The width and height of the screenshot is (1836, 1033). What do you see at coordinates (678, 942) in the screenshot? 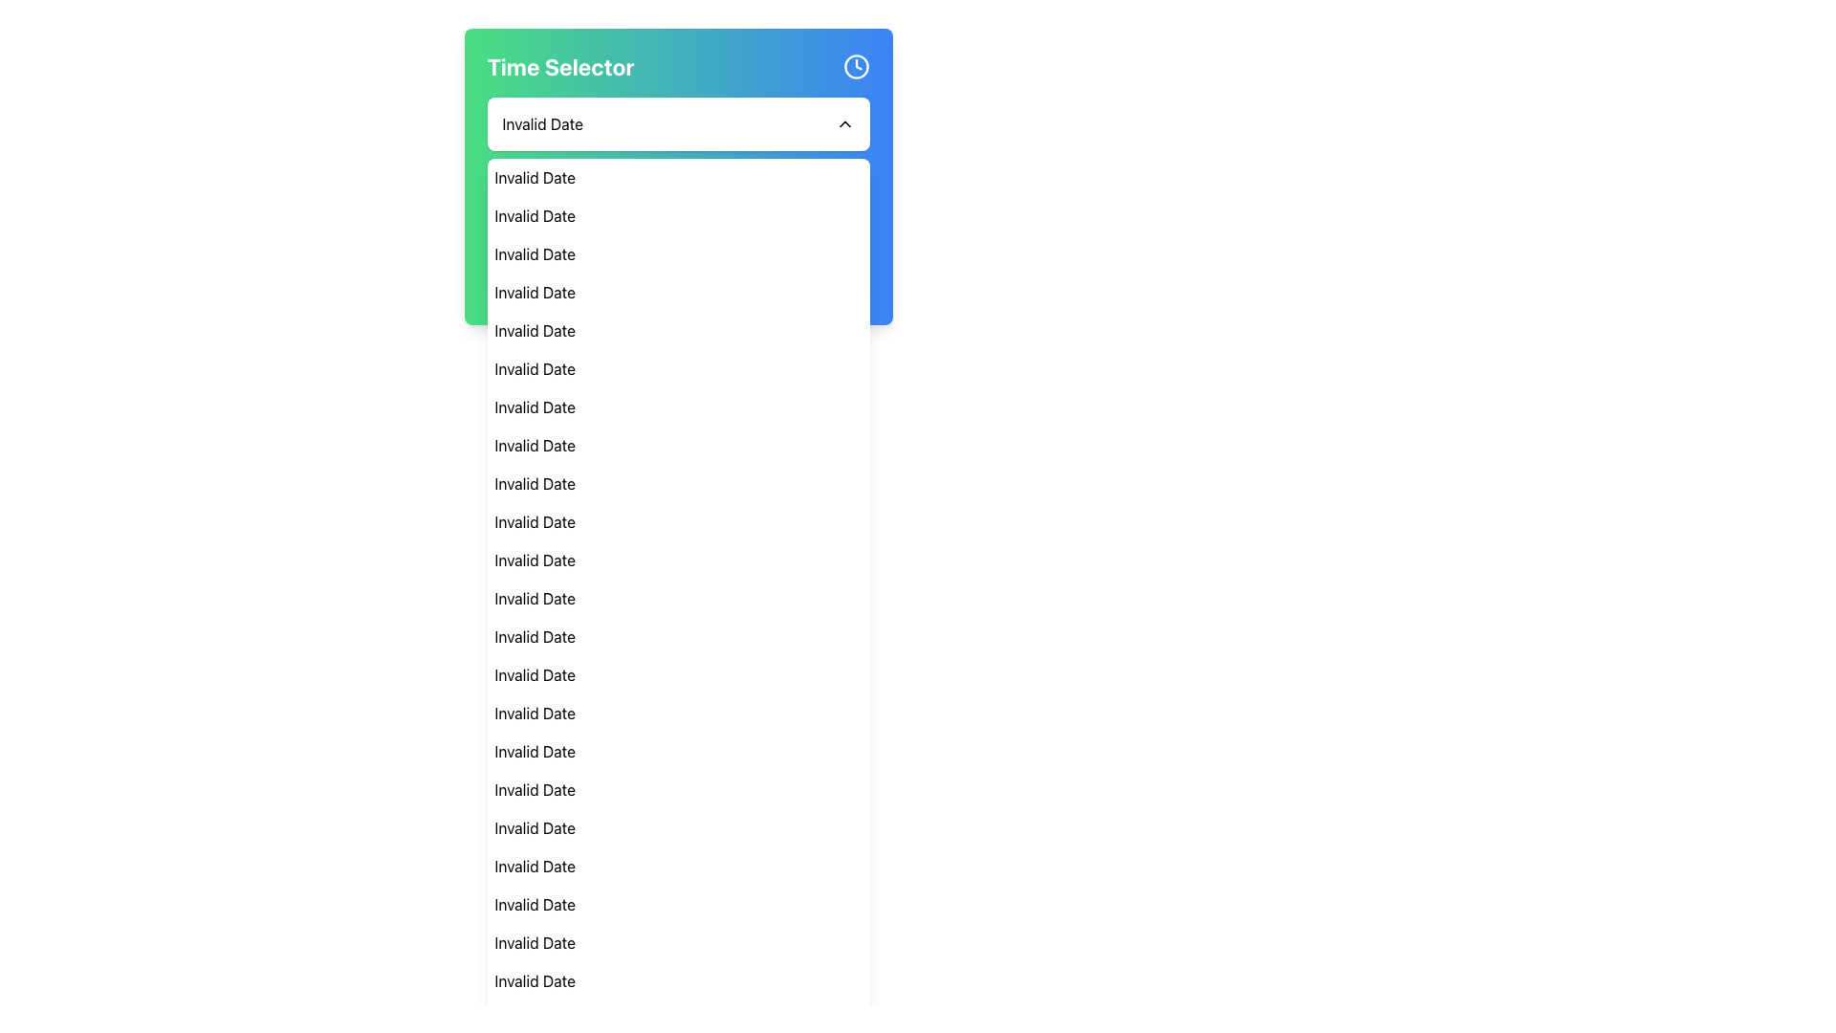
I see `the 22nd entry in the dropdown menu labeled 'Invalid Date'` at bounding box center [678, 942].